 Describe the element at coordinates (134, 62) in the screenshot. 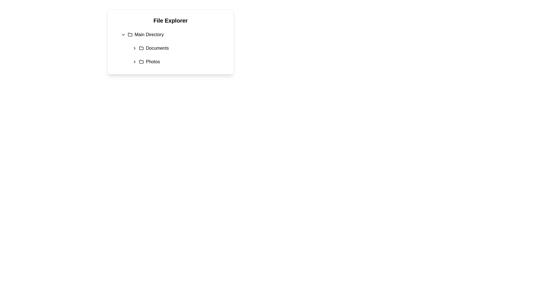

I see `the Expand/Collapse Icon (Chevron) located to the left of the 'Photos' directory` at that location.